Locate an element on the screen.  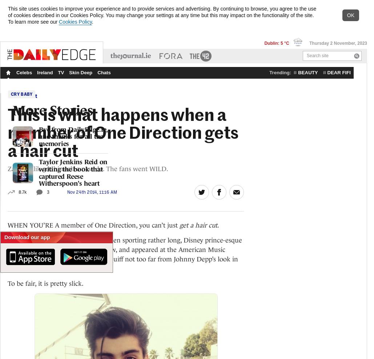
'beauty' is located at coordinates (298, 72).